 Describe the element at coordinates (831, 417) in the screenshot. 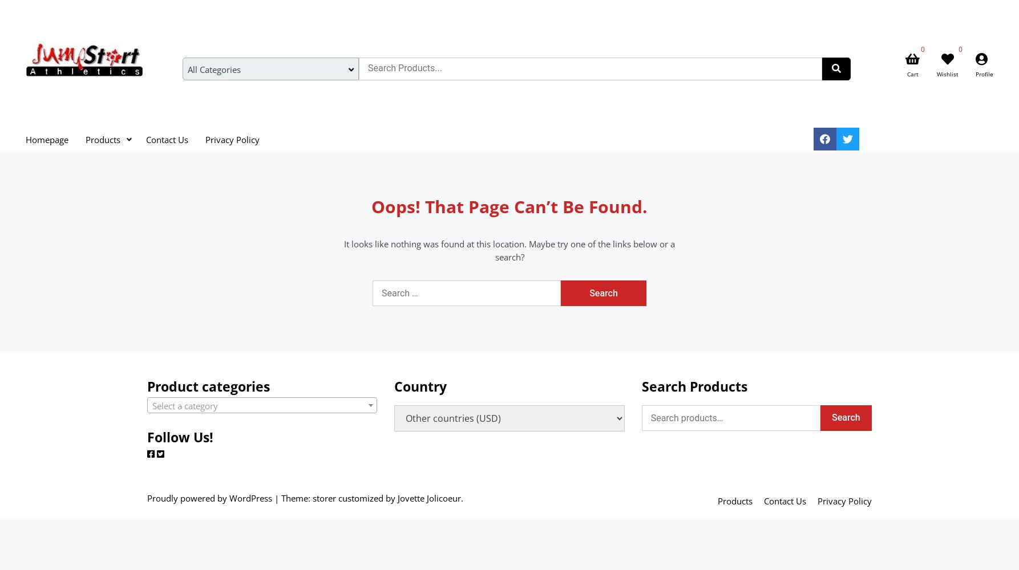

I see `'Search'` at that location.